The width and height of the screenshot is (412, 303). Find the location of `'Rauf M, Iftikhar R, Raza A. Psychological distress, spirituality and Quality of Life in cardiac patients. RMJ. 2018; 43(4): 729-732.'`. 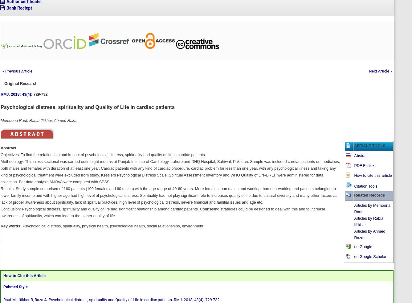

'Rauf M, Iftikhar R, Raza A. Psychological distress, spirituality and Quality of Life in cardiac patients. RMJ. 2018; 43(4): 729-732.' is located at coordinates (111, 299).